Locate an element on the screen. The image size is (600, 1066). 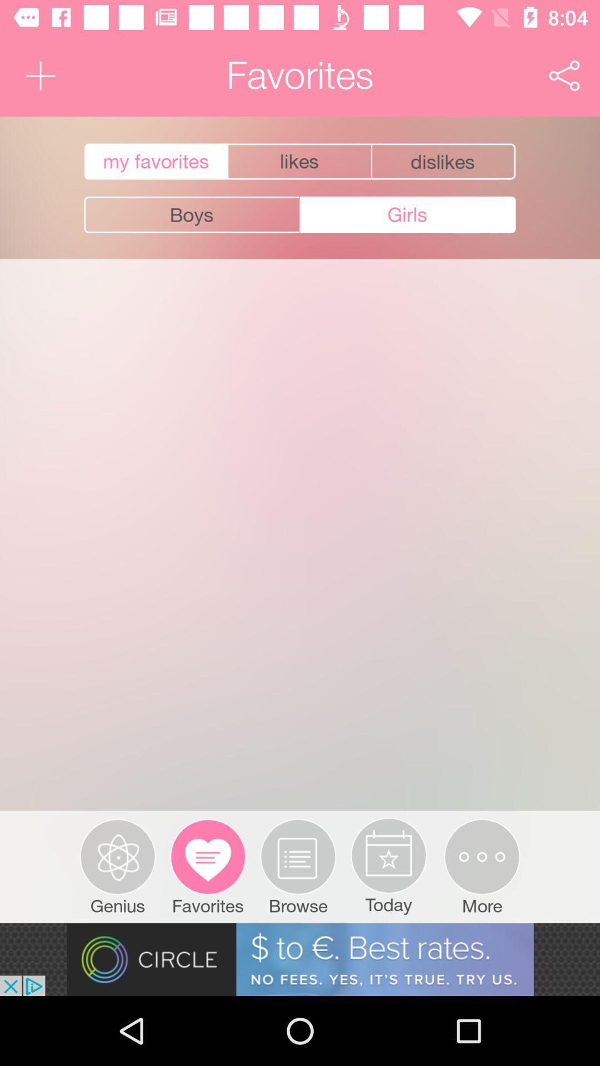
the button next to boys is located at coordinates (408, 215).